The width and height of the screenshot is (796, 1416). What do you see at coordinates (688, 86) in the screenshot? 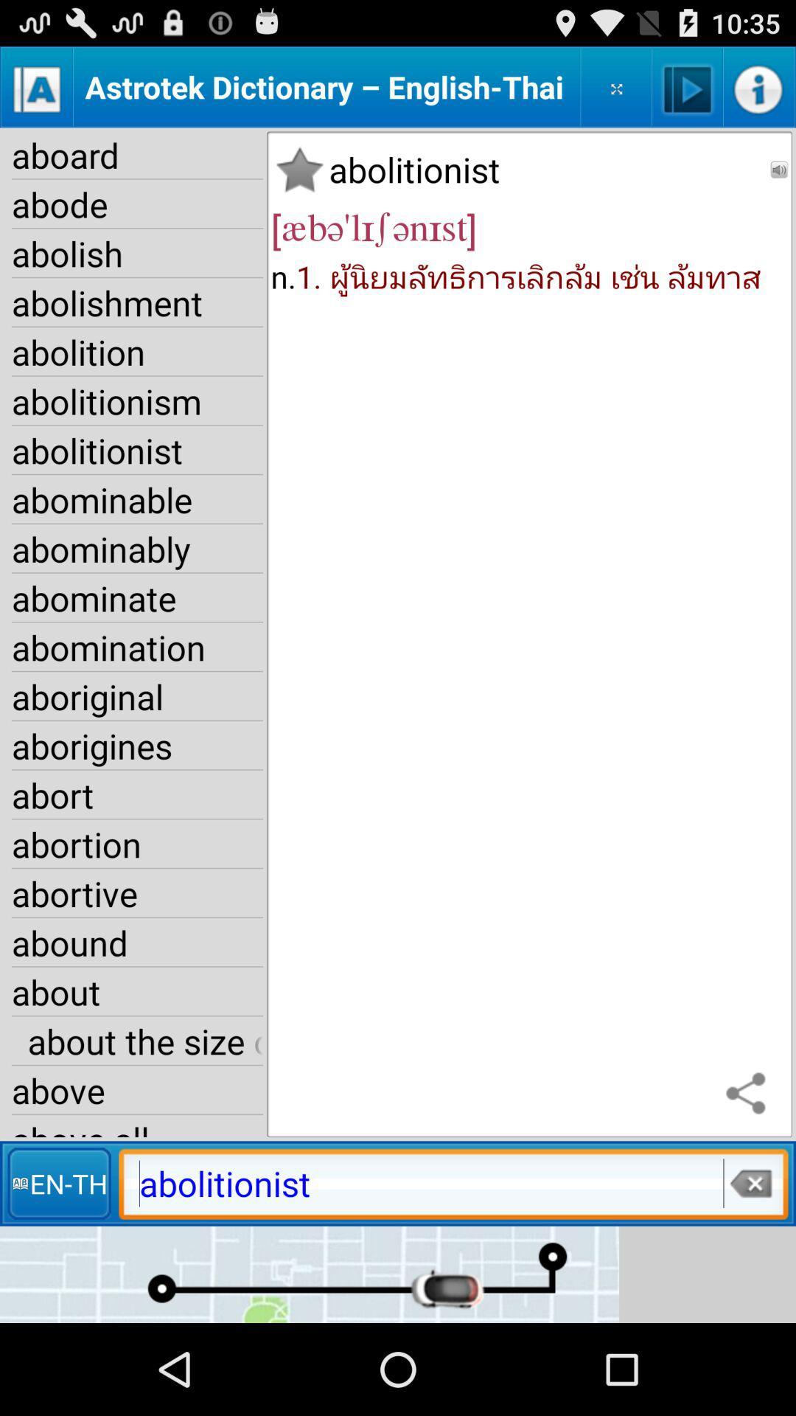
I see `song playmusic` at bounding box center [688, 86].